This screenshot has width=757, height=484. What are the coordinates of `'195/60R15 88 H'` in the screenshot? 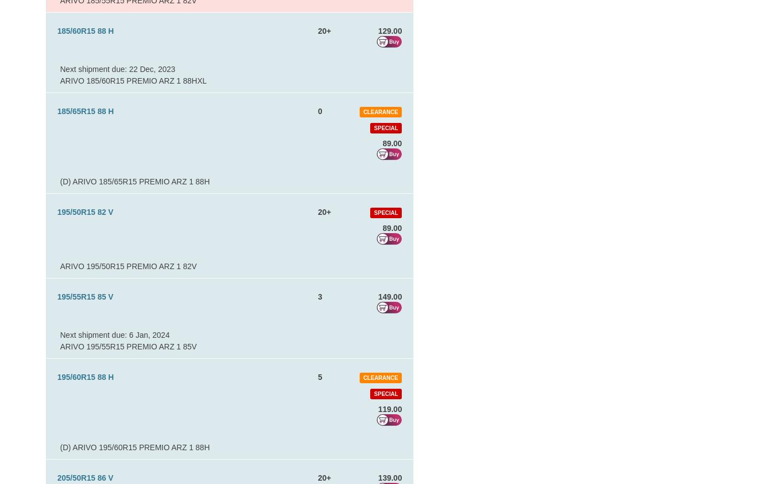 It's located at (84, 377).